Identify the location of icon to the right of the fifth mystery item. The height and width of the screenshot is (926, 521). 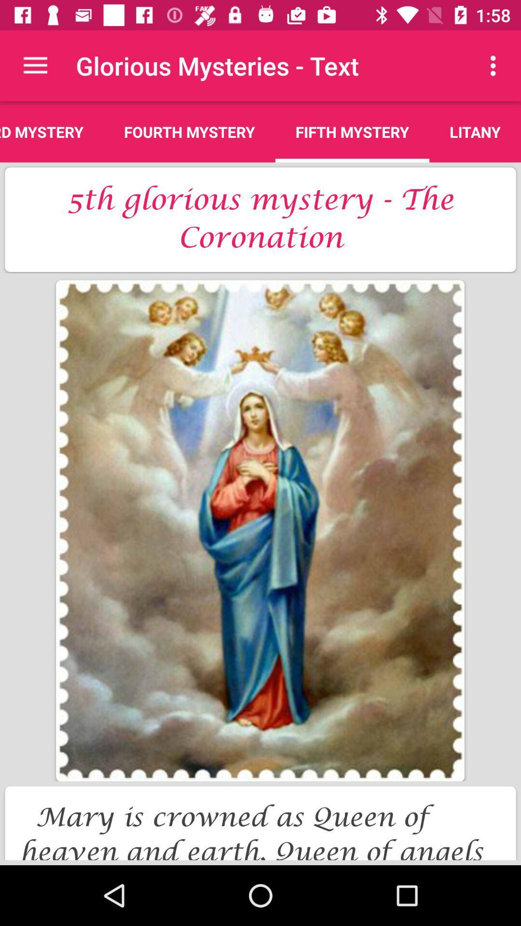
(475, 131).